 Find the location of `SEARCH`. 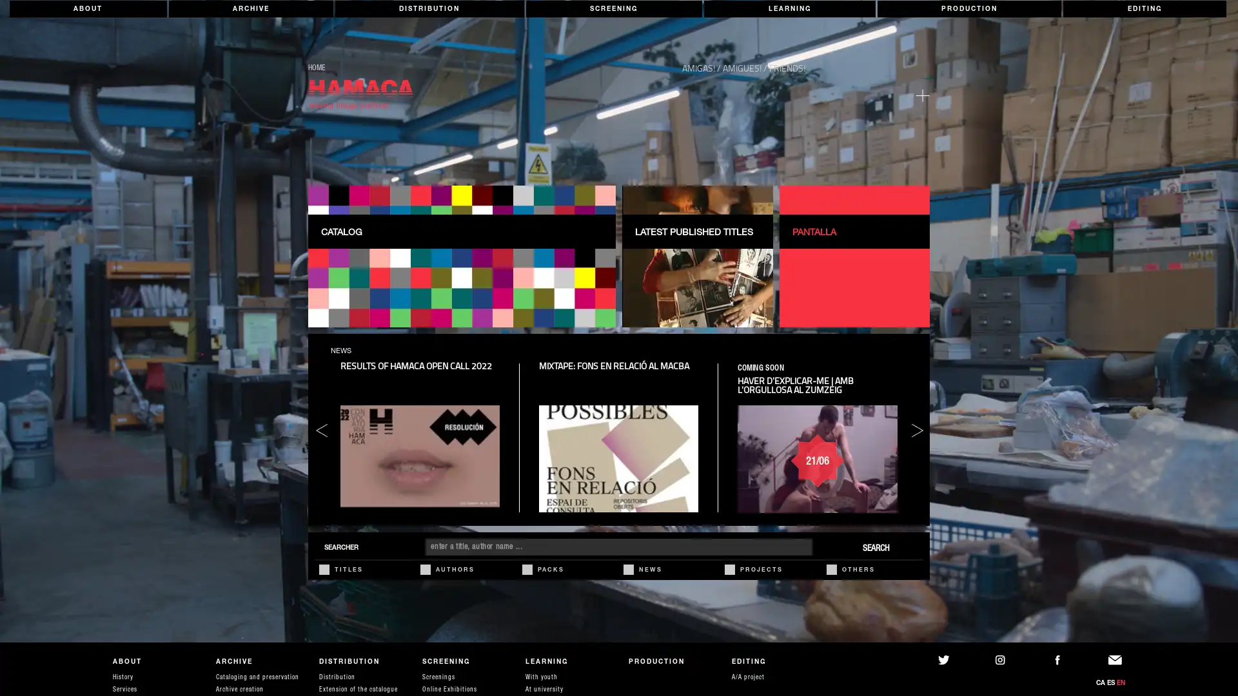

SEARCH is located at coordinates (872, 548).